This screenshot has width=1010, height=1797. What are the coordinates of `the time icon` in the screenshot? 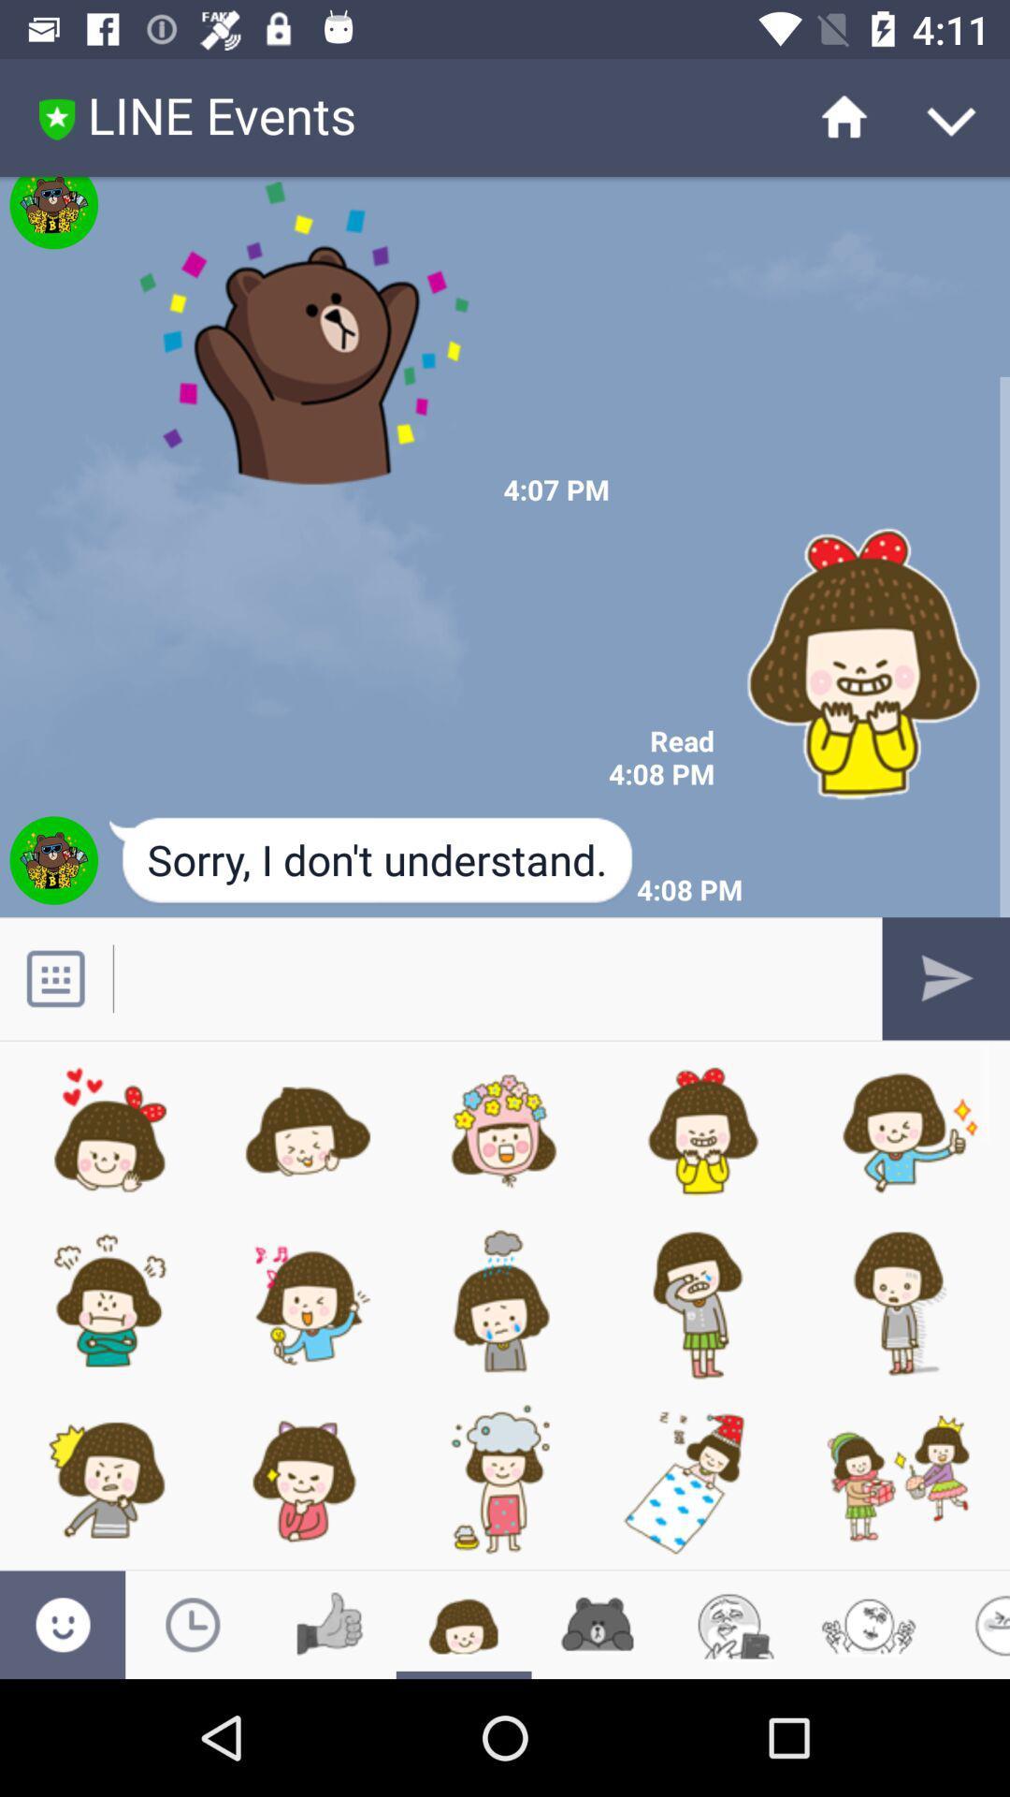 It's located at (193, 1624).